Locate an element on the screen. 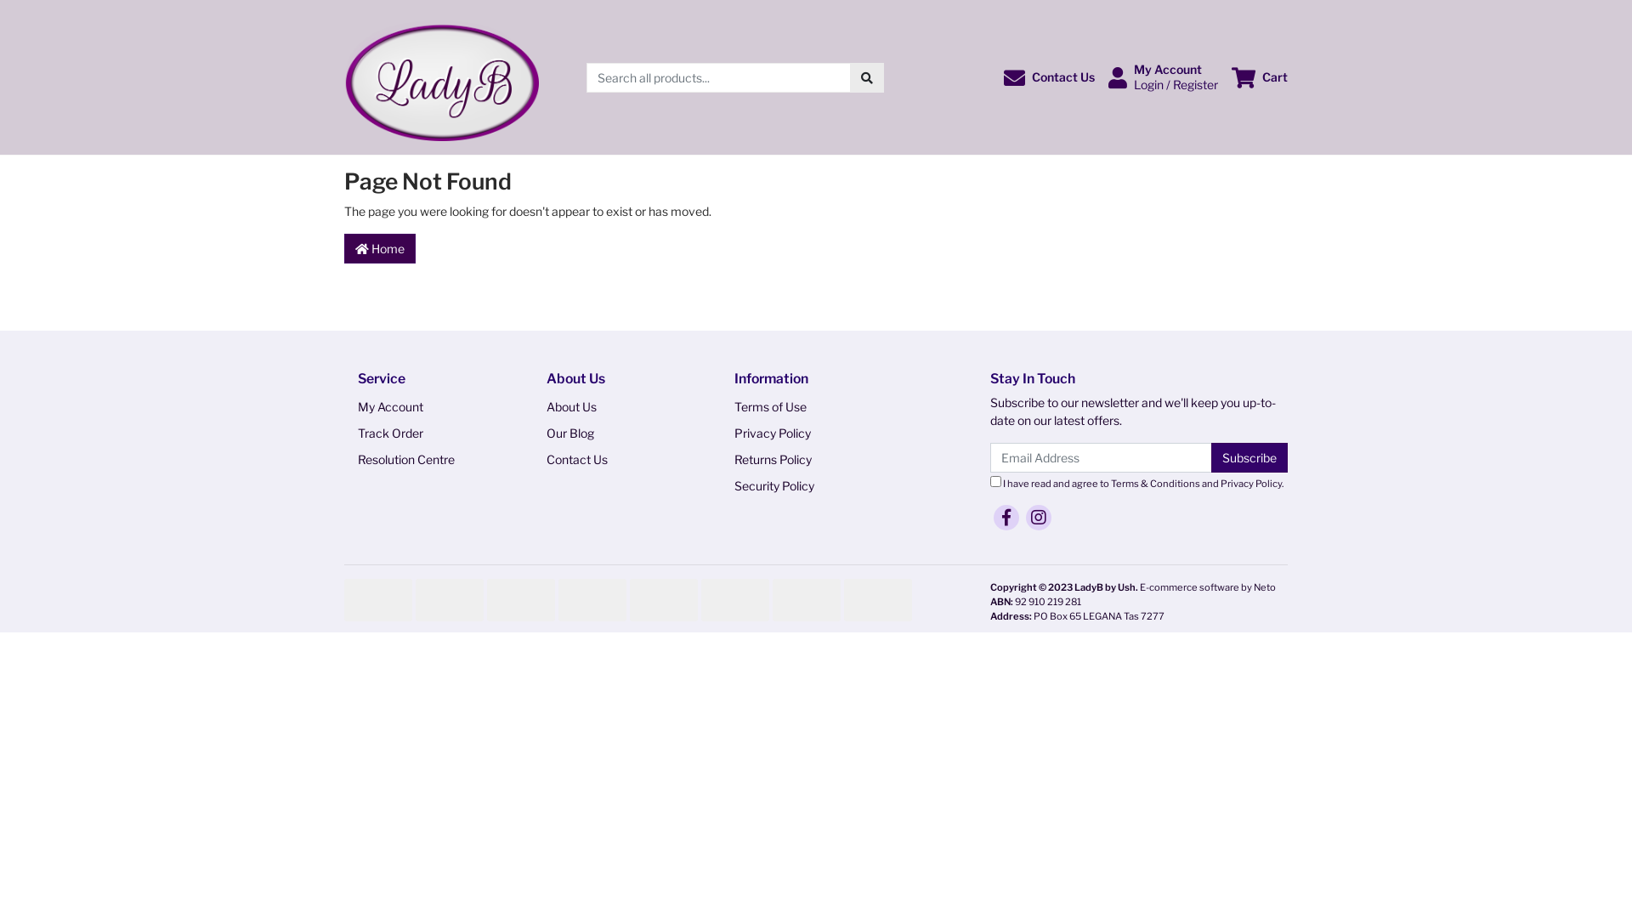  'Search' is located at coordinates (866, 77).